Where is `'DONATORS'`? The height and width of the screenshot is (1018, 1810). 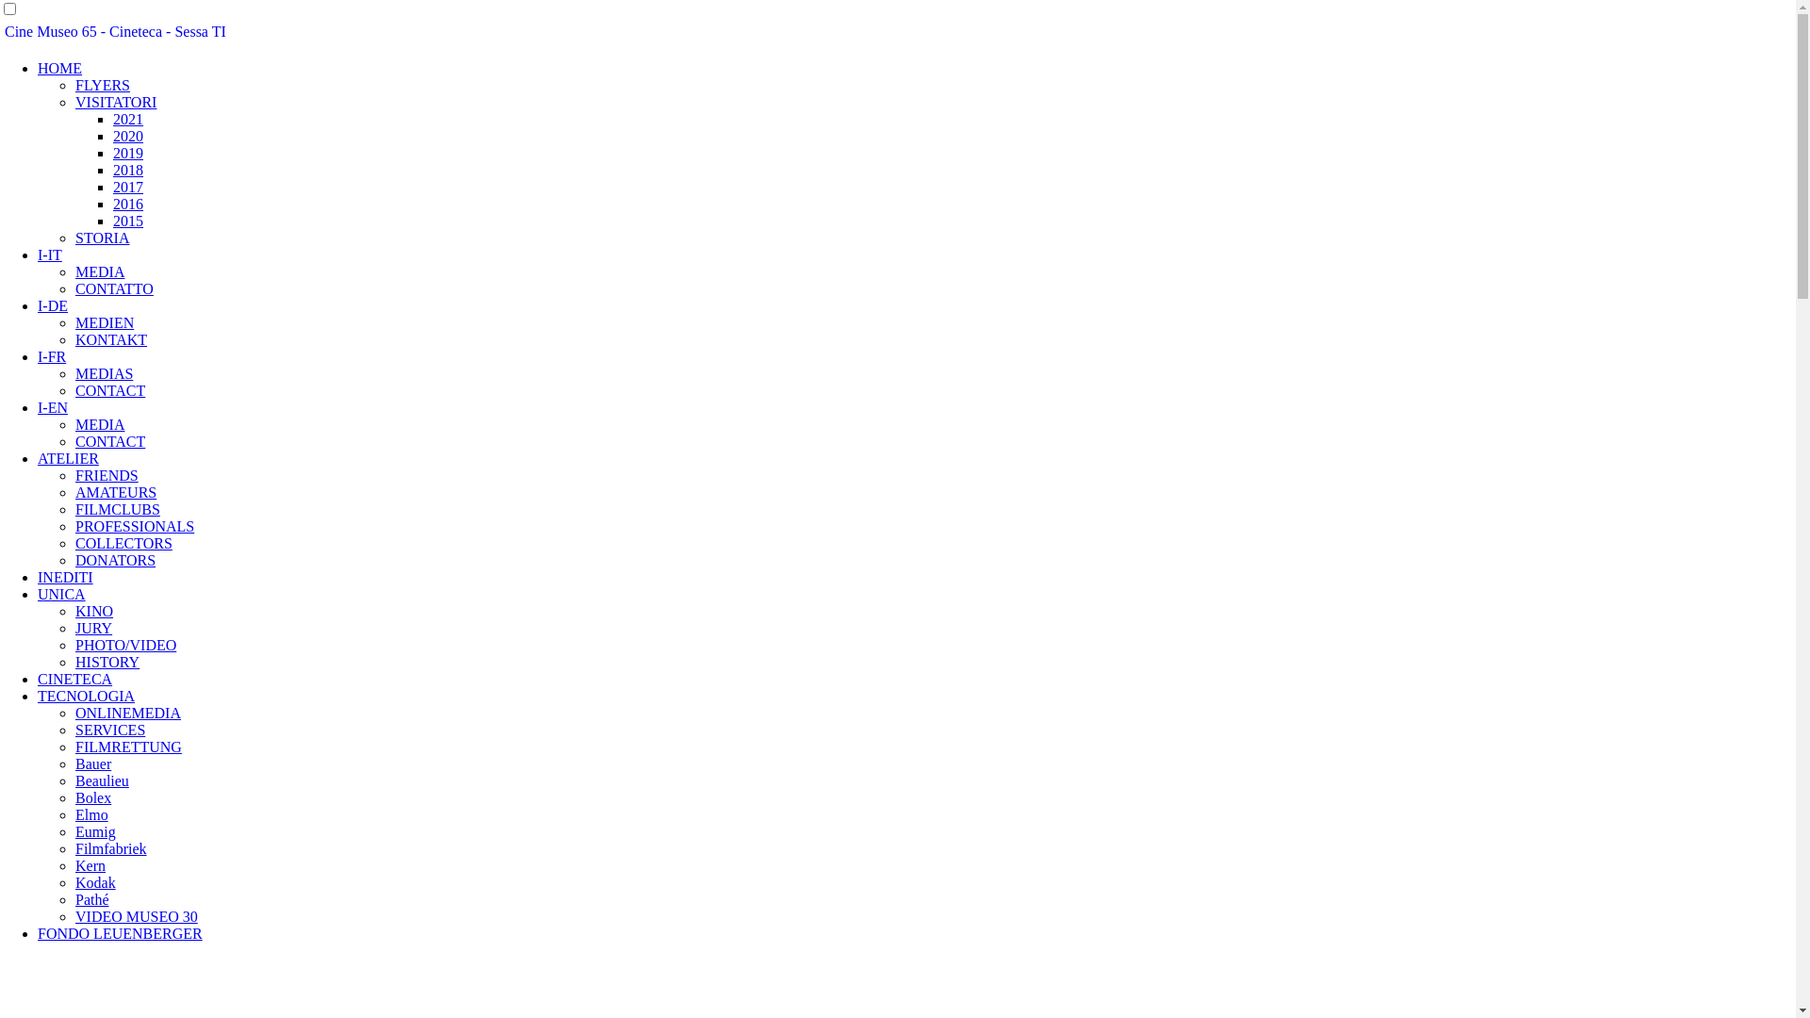 'DONATORS' is located at coordinates (114, 559).